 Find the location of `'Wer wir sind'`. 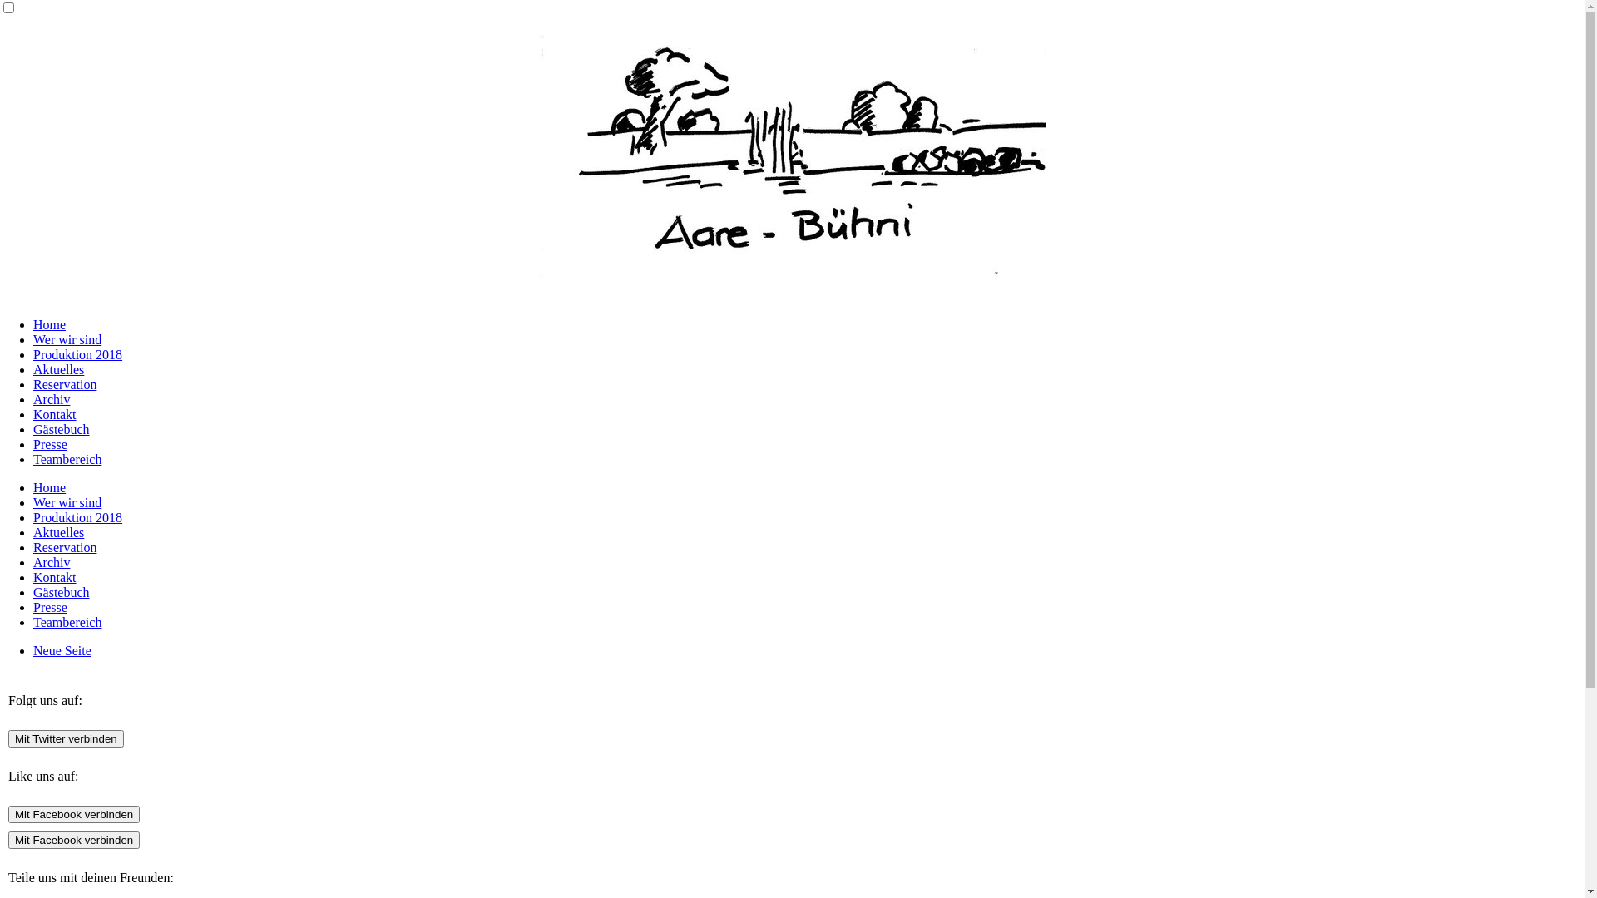

'Wer wir sind' is located at coordinates (67, 501).